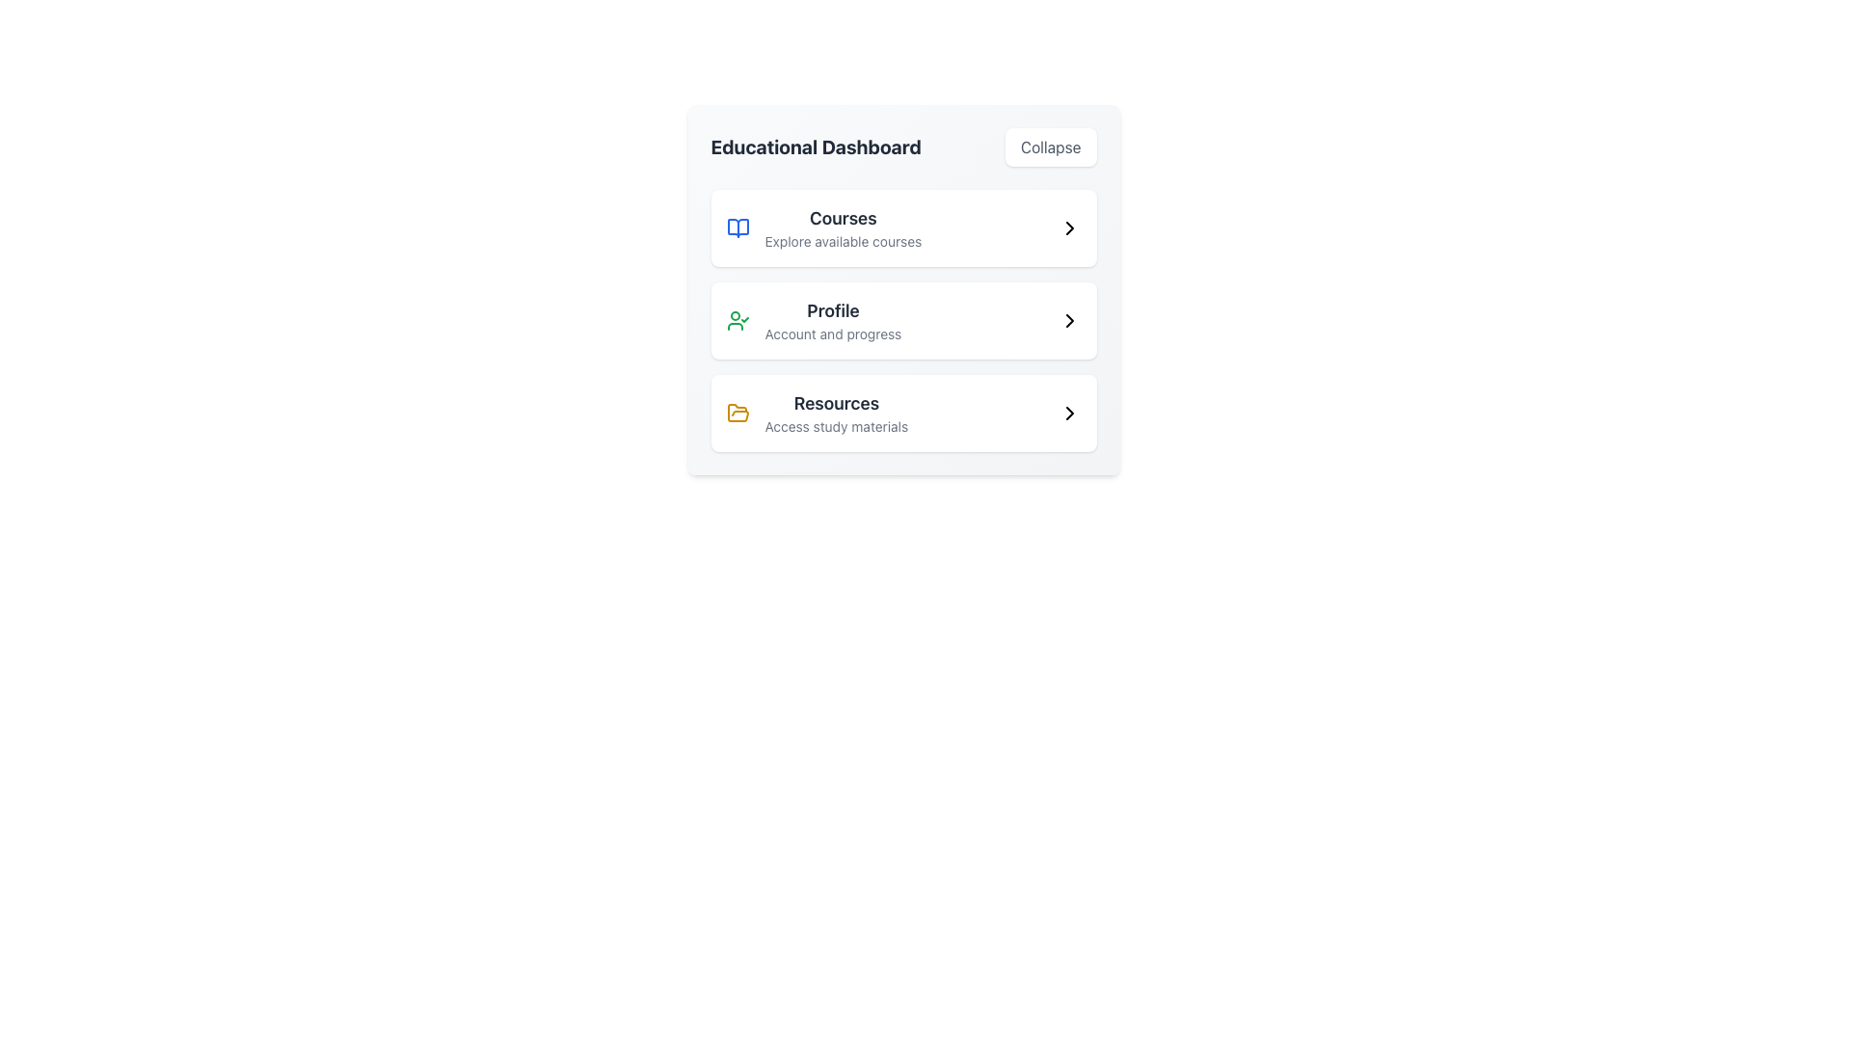 This screenshot has height=1041, width=1851. I want to click on the List Item that consists of a green outline user icon and two lines of text, 'Profile' and 'Account and progress', so click(814, 319).